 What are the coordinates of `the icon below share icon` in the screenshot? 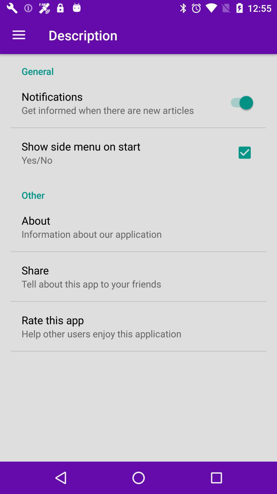 It's located at (91, 284).